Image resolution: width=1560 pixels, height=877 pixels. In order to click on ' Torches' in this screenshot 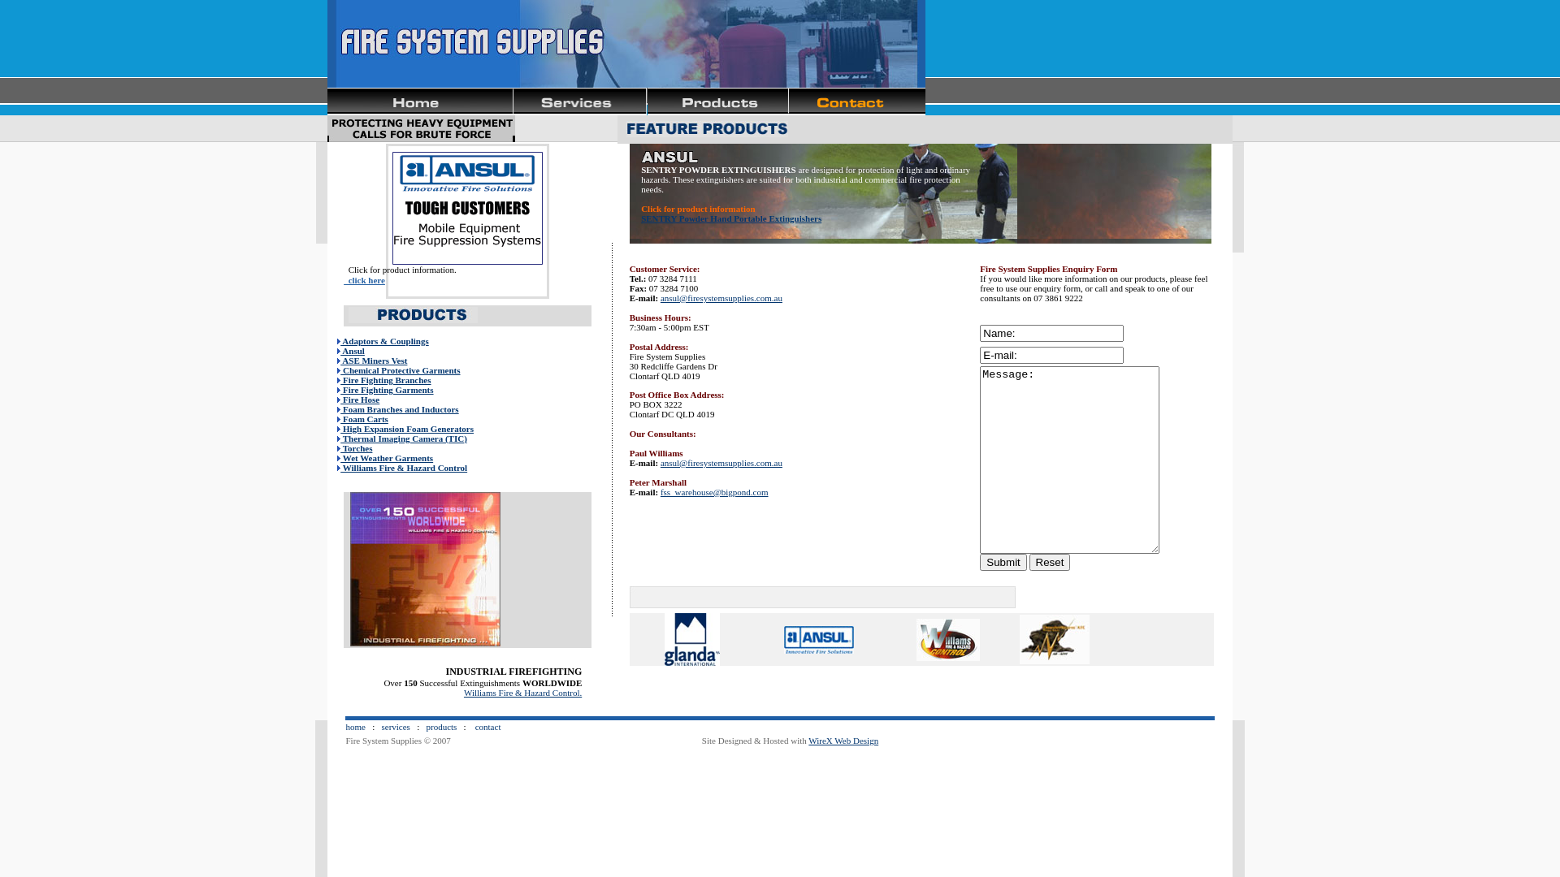, I will do `click(353, 447)`.